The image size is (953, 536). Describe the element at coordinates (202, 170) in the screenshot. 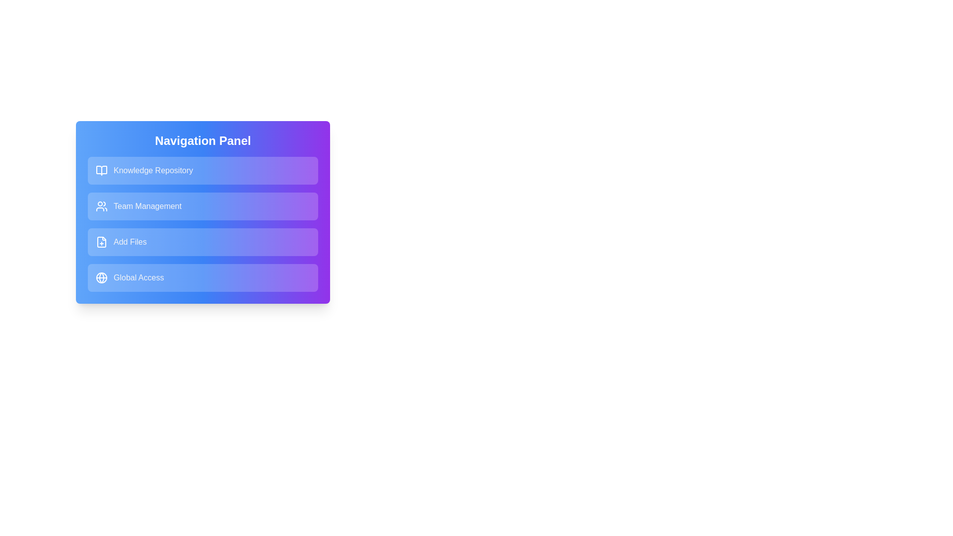

I see `the navigation item labeled Knowledge Repository` at that location.